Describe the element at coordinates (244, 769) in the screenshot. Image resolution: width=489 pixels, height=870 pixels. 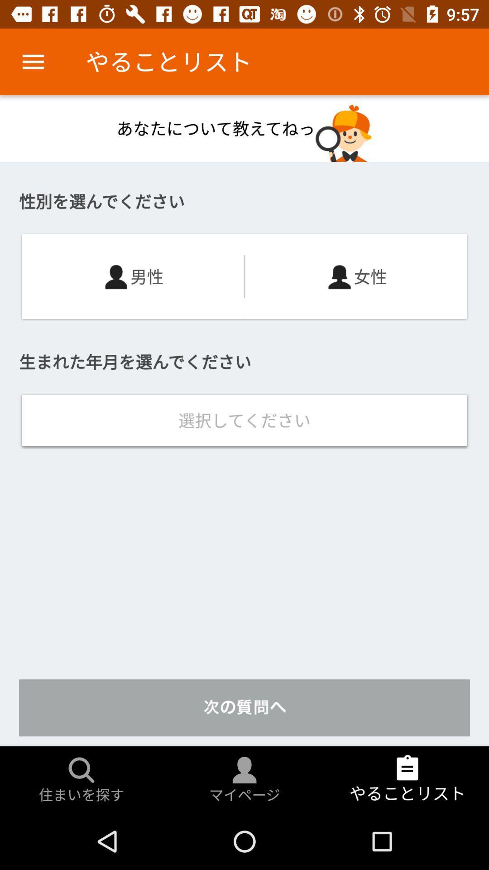
I see `the profile icon which is right to search icon` at that location.